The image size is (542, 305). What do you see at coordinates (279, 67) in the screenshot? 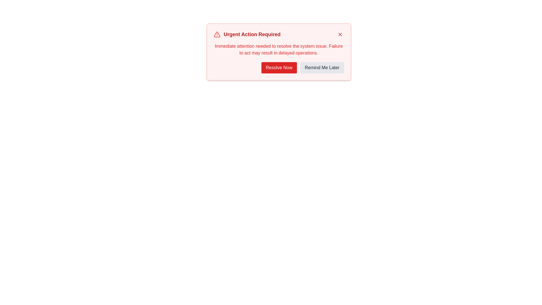
I see `the leftmost button in the card-like interface` at bounding box center [279, 67].